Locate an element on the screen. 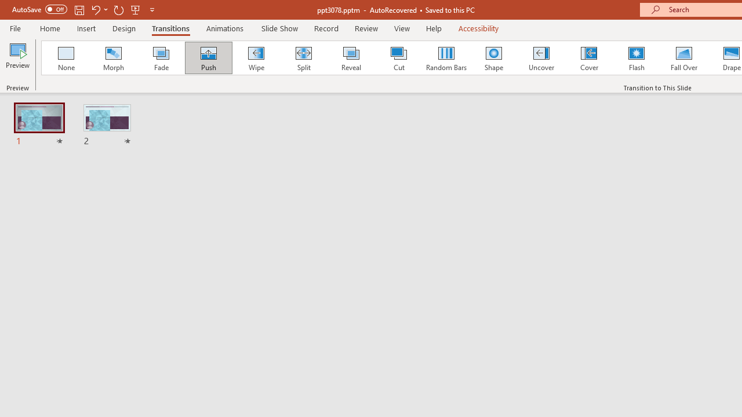 This screenshot has height=417, width=742. 'Uncover' is located at coordinates (541, 58).